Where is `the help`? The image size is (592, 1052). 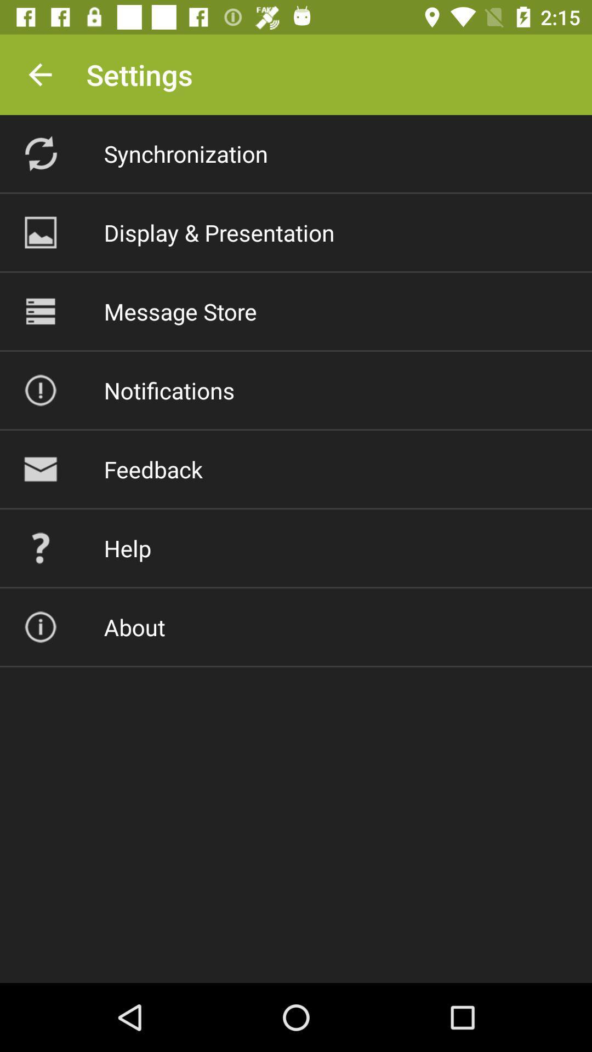 the help is located at coordinates (127, 548).